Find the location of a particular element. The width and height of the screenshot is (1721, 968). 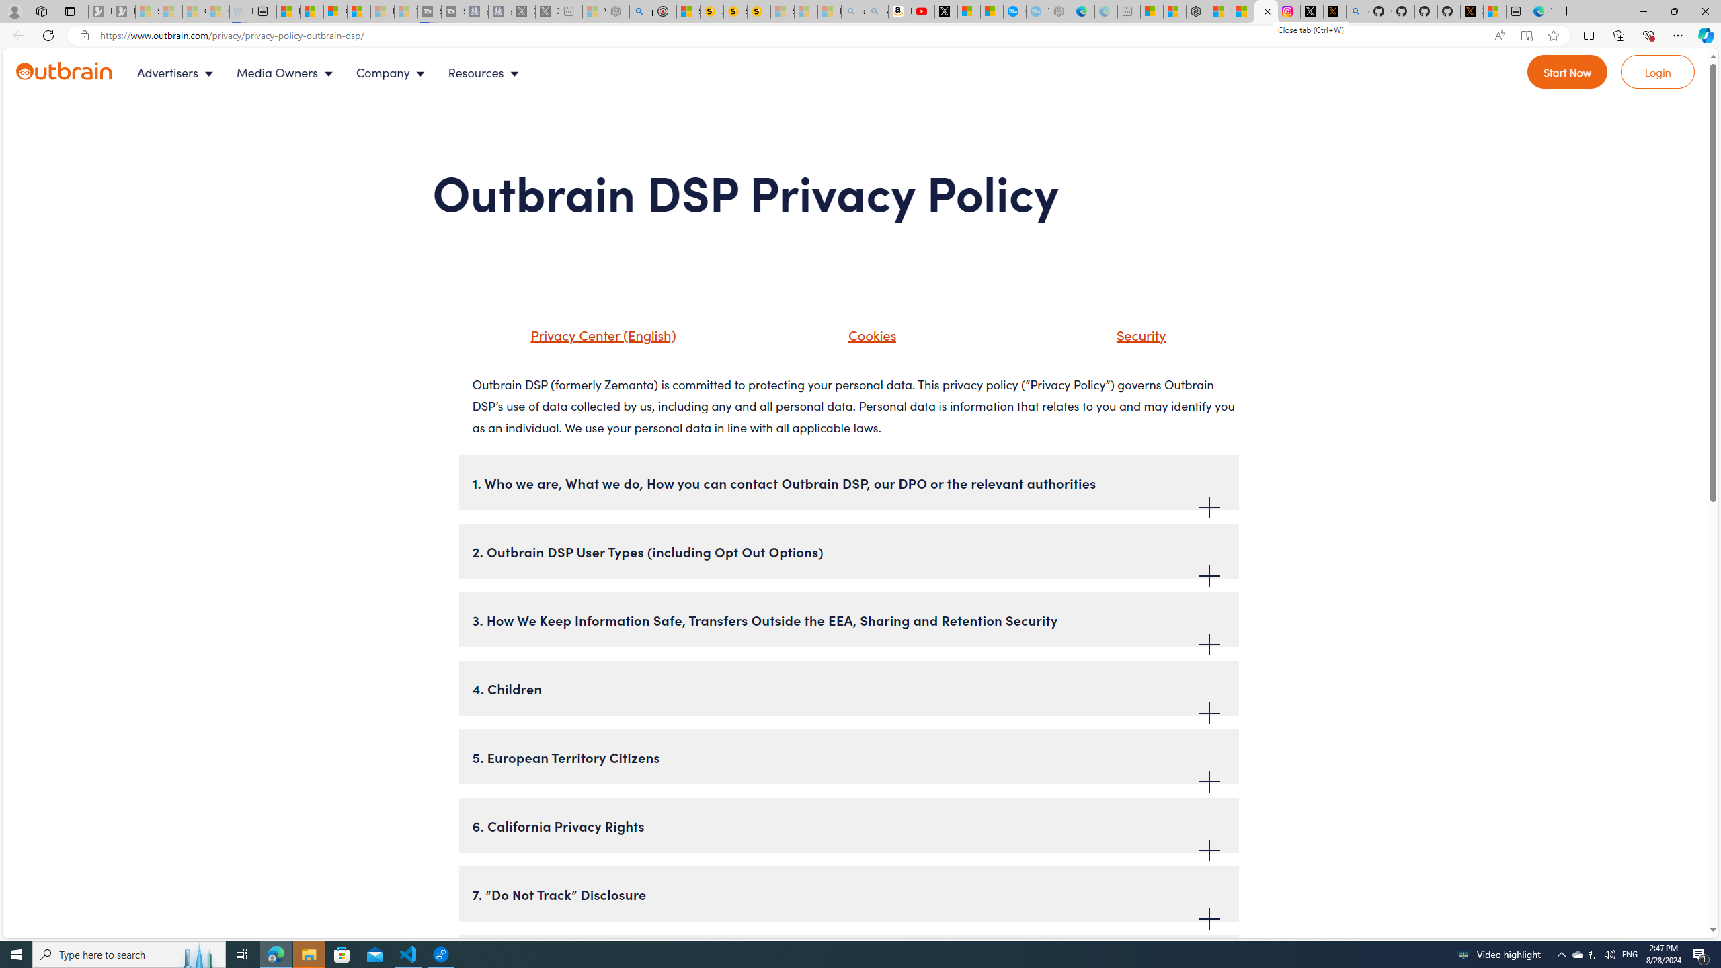

'Cookies' is located at coordinates (854, 339).